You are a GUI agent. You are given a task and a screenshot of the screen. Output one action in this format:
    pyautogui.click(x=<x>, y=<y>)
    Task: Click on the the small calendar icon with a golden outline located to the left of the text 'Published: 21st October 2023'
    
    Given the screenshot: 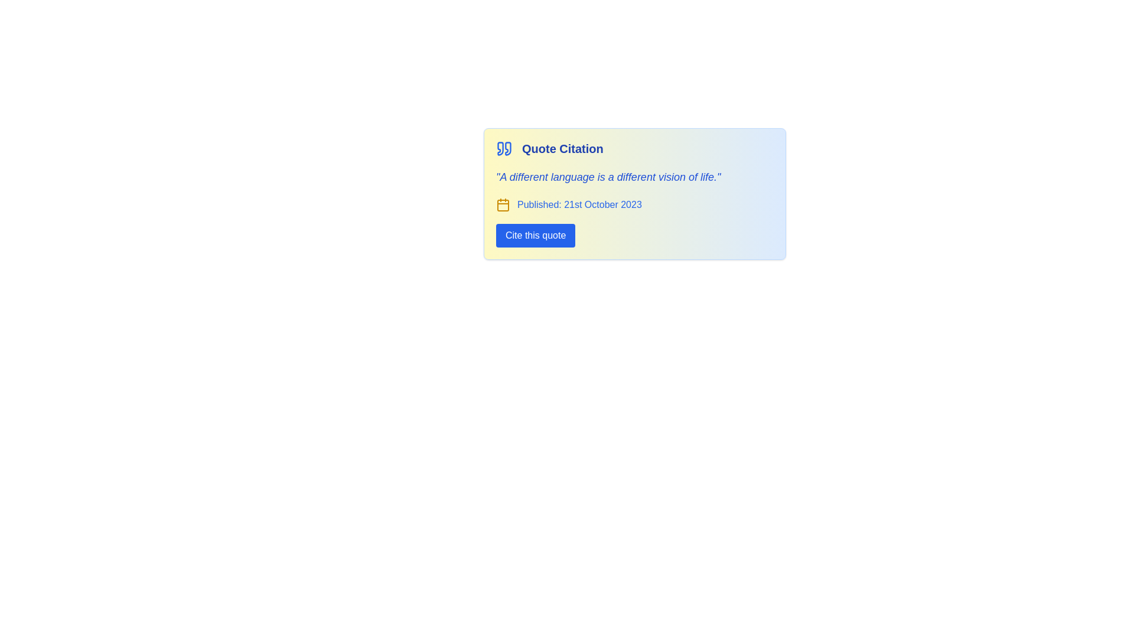 What is the action you would take?
    pyautogui.click(x=503, y=204)
    